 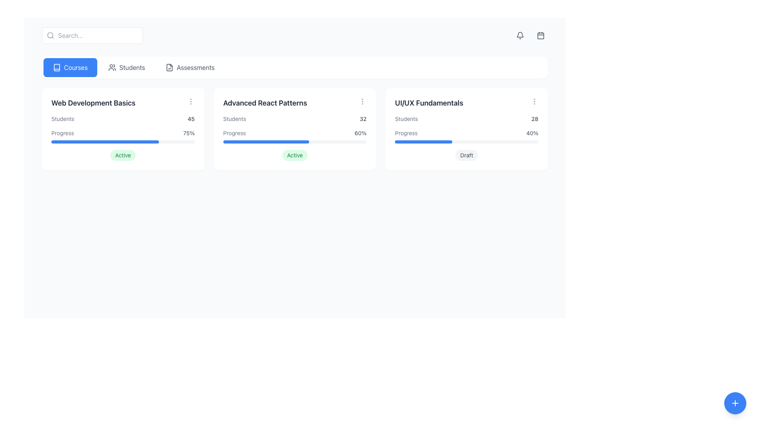 What do you see at coordinates (190, 67) in the screenshot?
I see `the 'Assessments' navigation button located in the navigation bar to observe a visual cue indicating interactivity` at bounding box center [190, 67].